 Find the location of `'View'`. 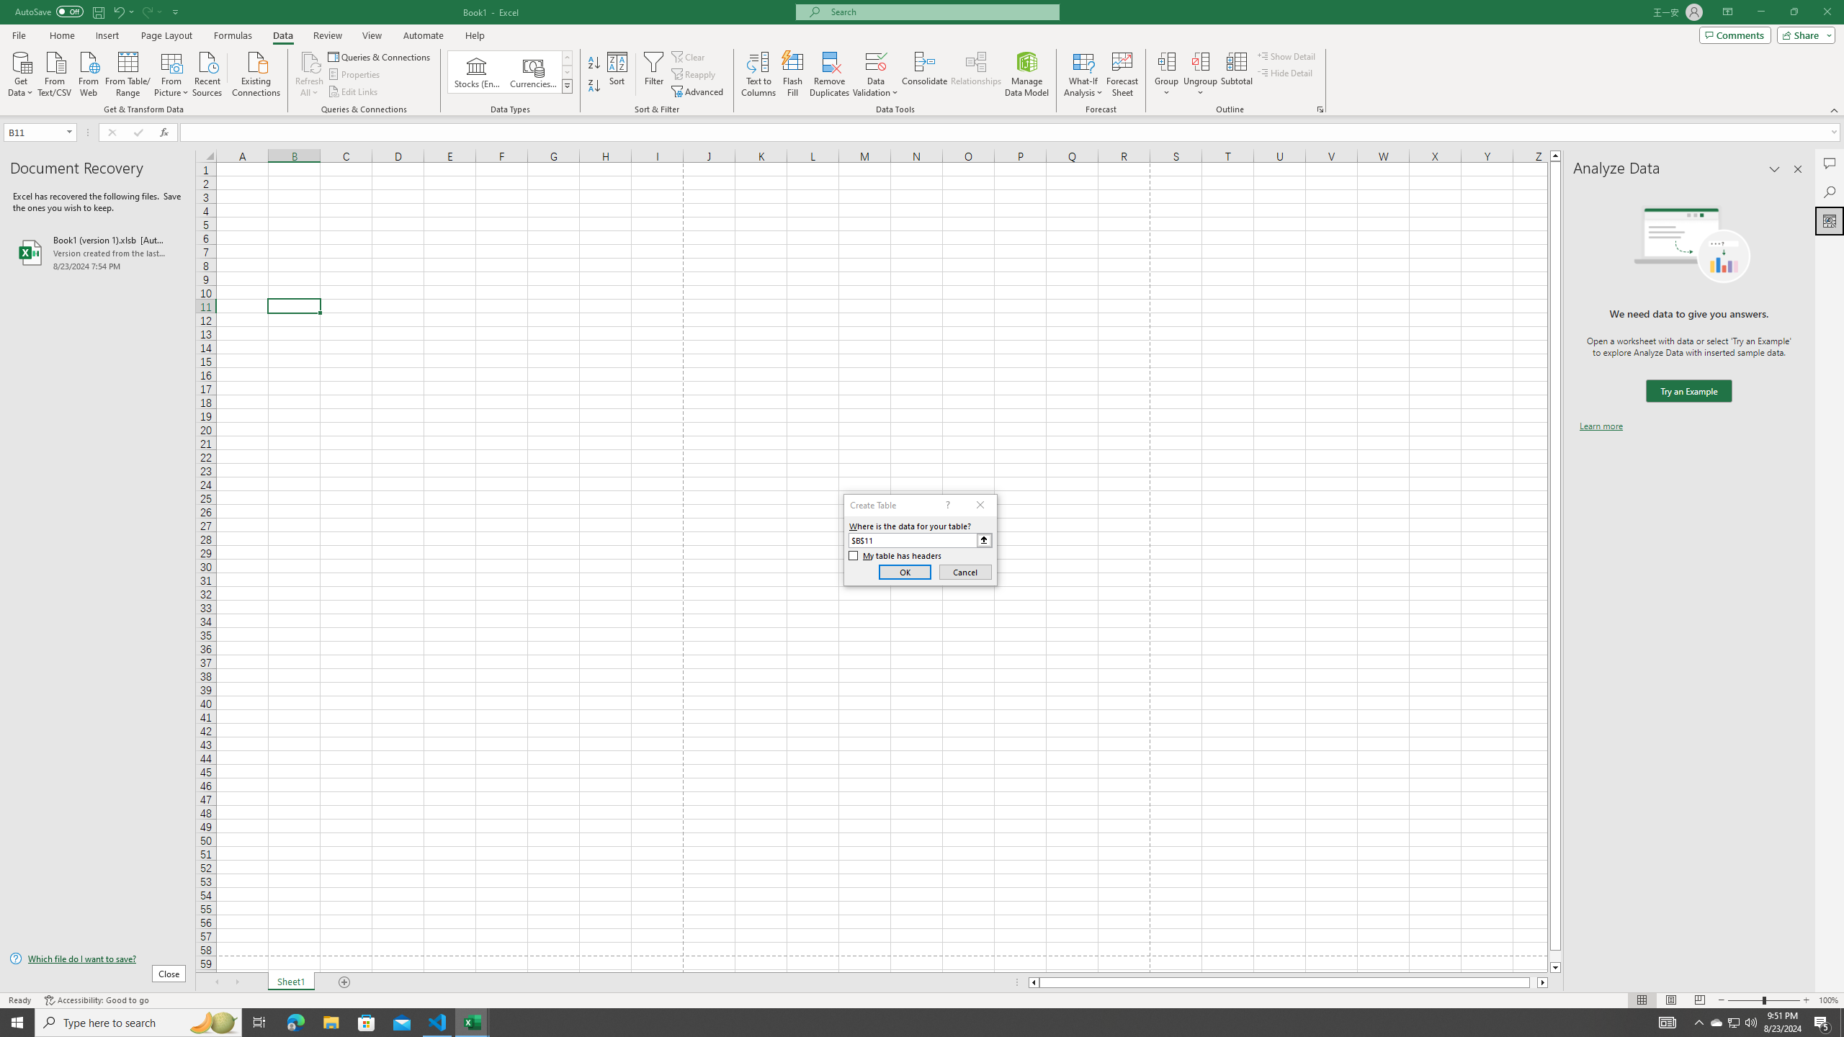

'View' is located at coordinates (370, 35).